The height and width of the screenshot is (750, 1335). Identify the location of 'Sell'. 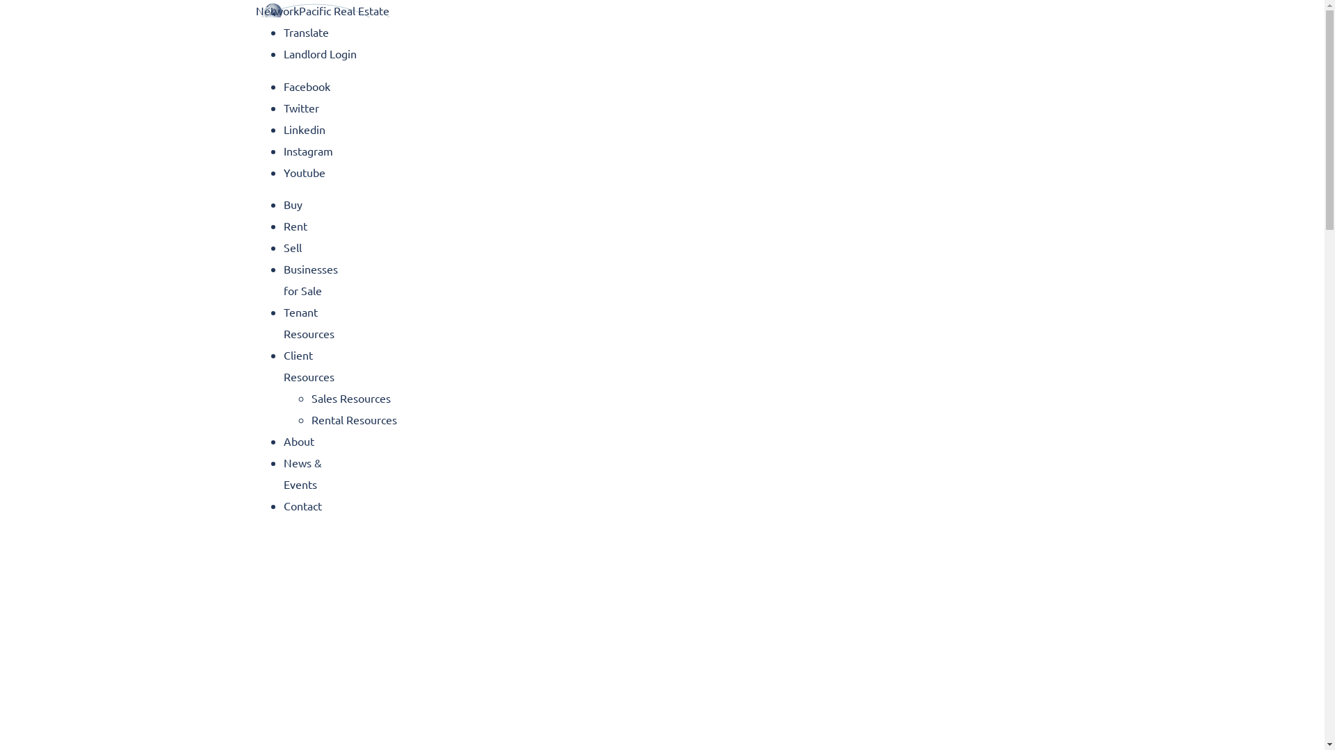
(283, 246).